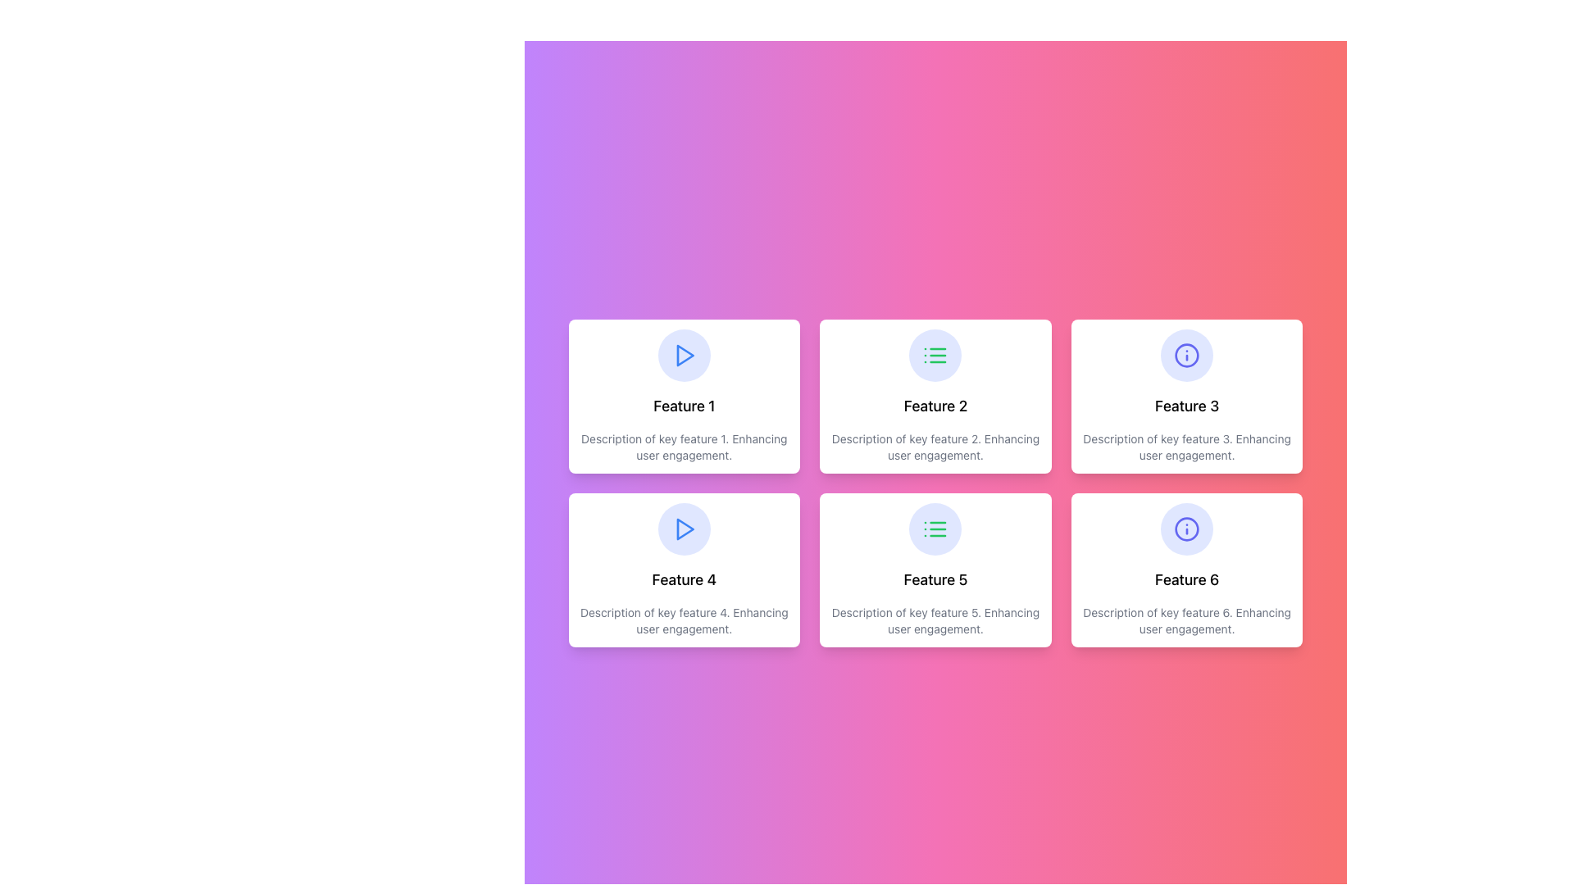 This screenshot has width=1574, height=885. What do you see at coordinates (935, 529) in the screenshot?
I see `the circular icon with a light indigo background and a green list-like graphic located at the top-center area of the 'Feature 5' card` at bounding box center [935, 529].